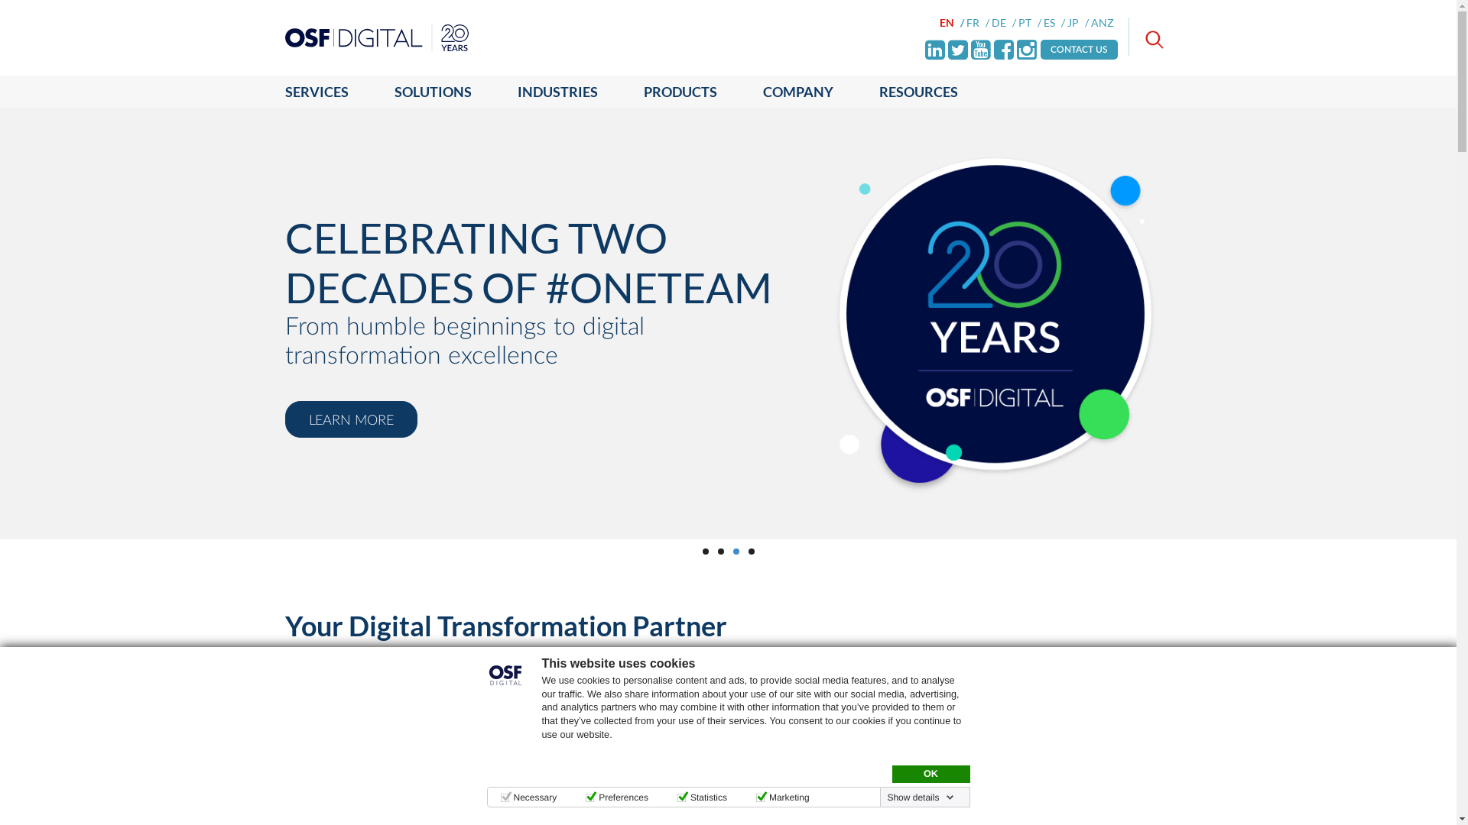  I want to click on 'LEARN MORE', so click(349, 433).